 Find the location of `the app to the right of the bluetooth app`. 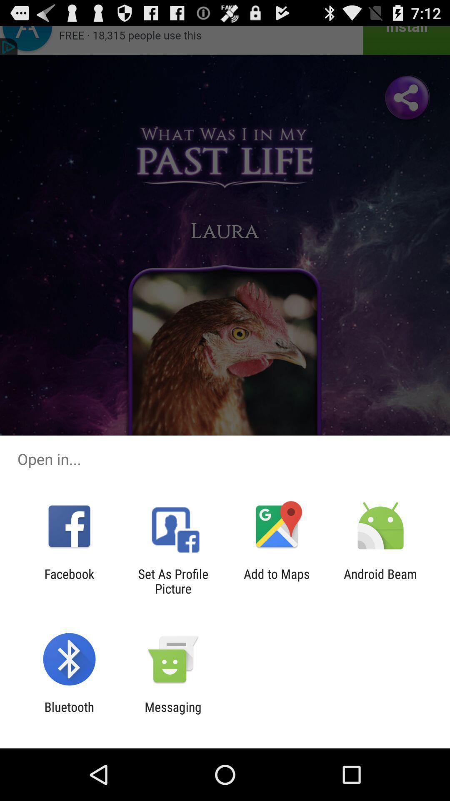

the app to the right of the bluetooth app is located at coordinates (172, 714).